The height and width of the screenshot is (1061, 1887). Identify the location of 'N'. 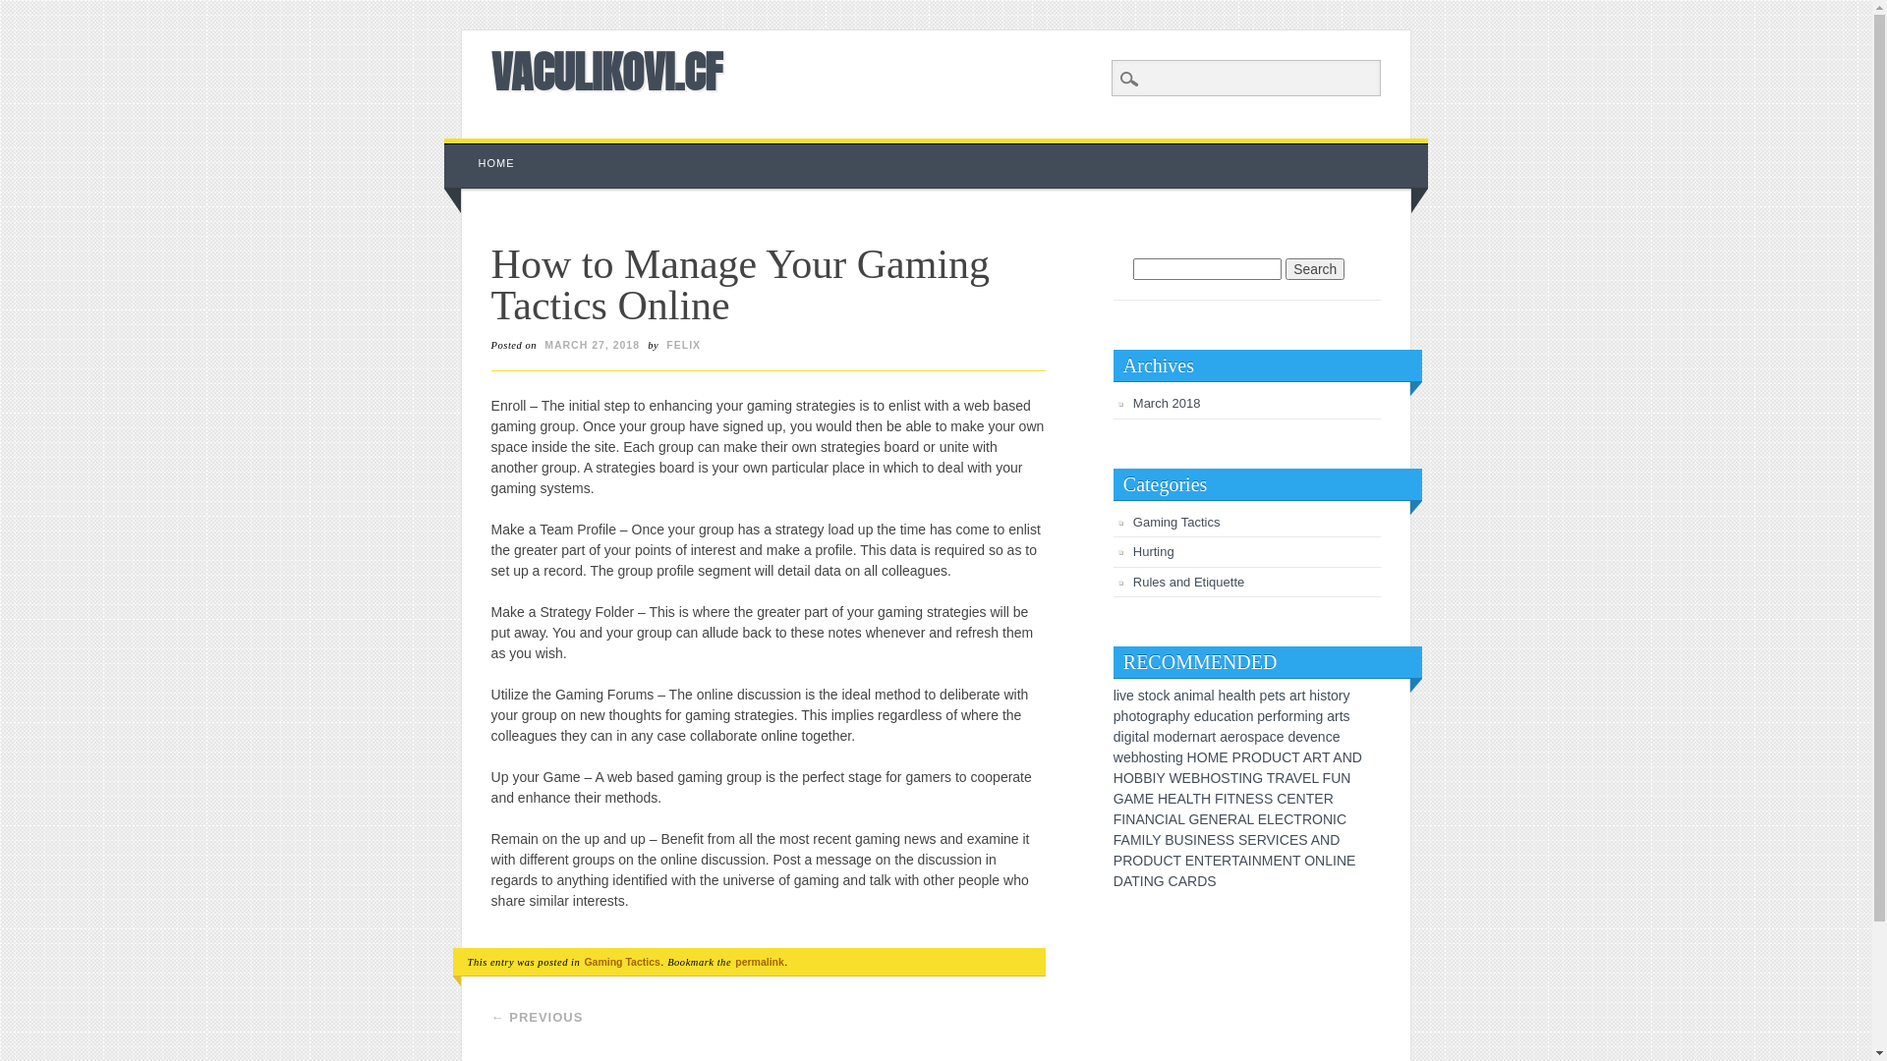
(1327, 818).